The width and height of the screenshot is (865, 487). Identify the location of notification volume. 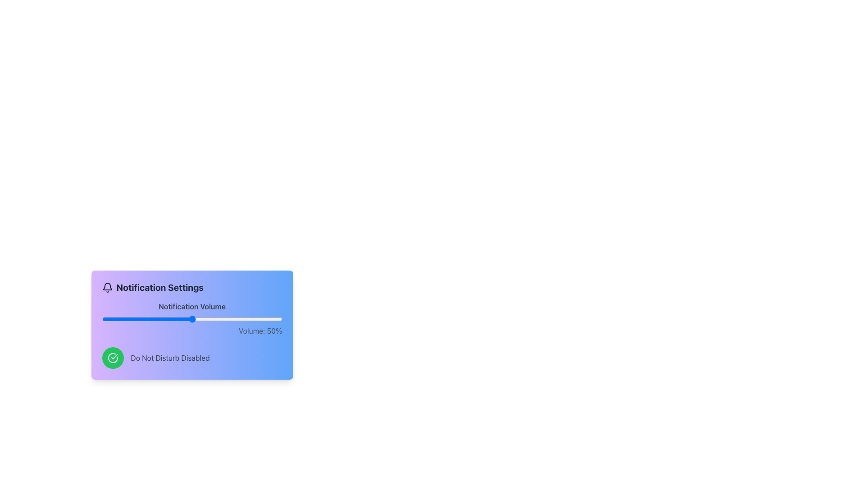
(233, 319).